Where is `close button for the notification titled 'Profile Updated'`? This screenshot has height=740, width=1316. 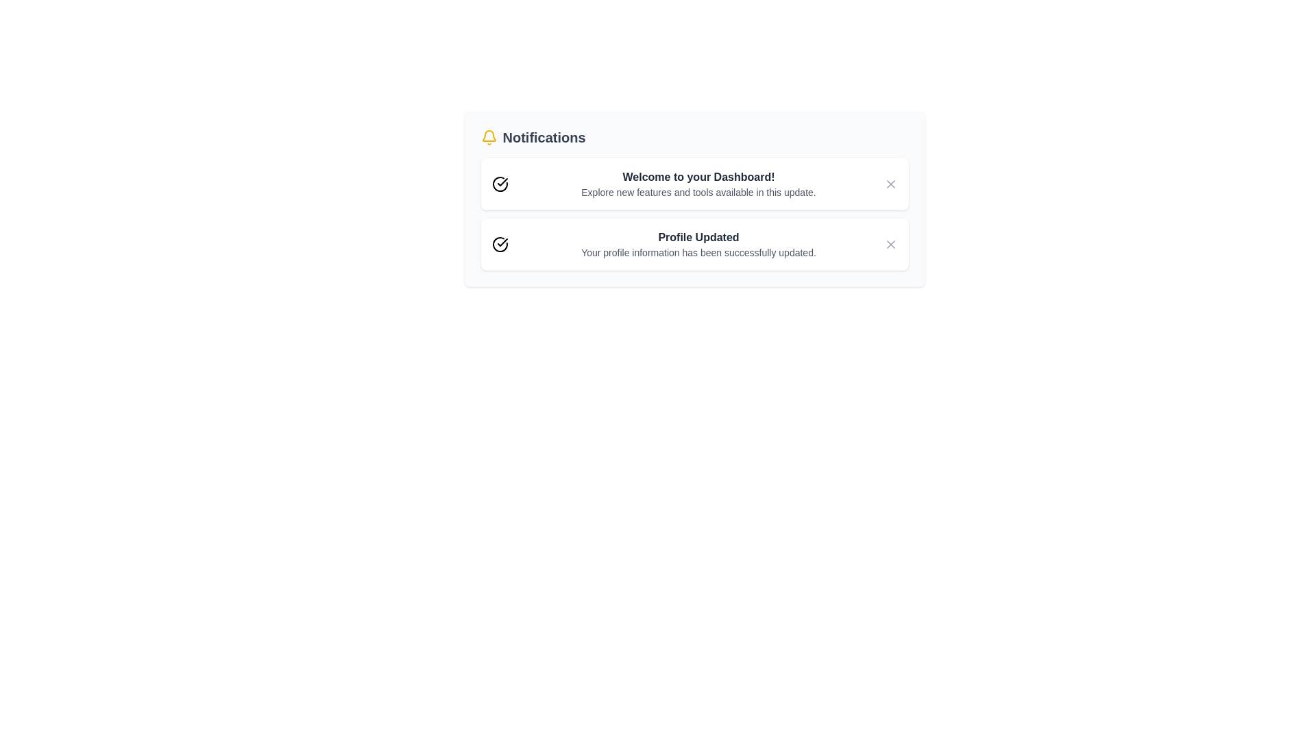 close button for the notification titled 'Profile Updated' is located at coordinates (890, 244).